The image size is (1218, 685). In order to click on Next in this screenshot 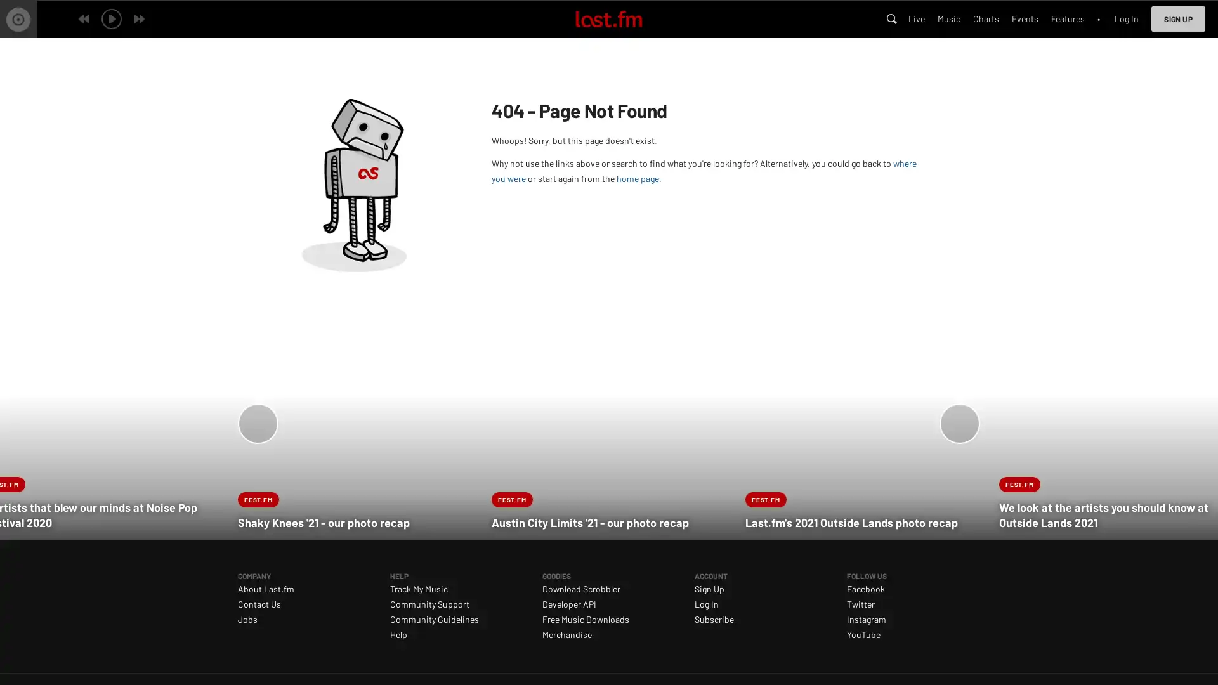, I will do `click(965, 422)`.